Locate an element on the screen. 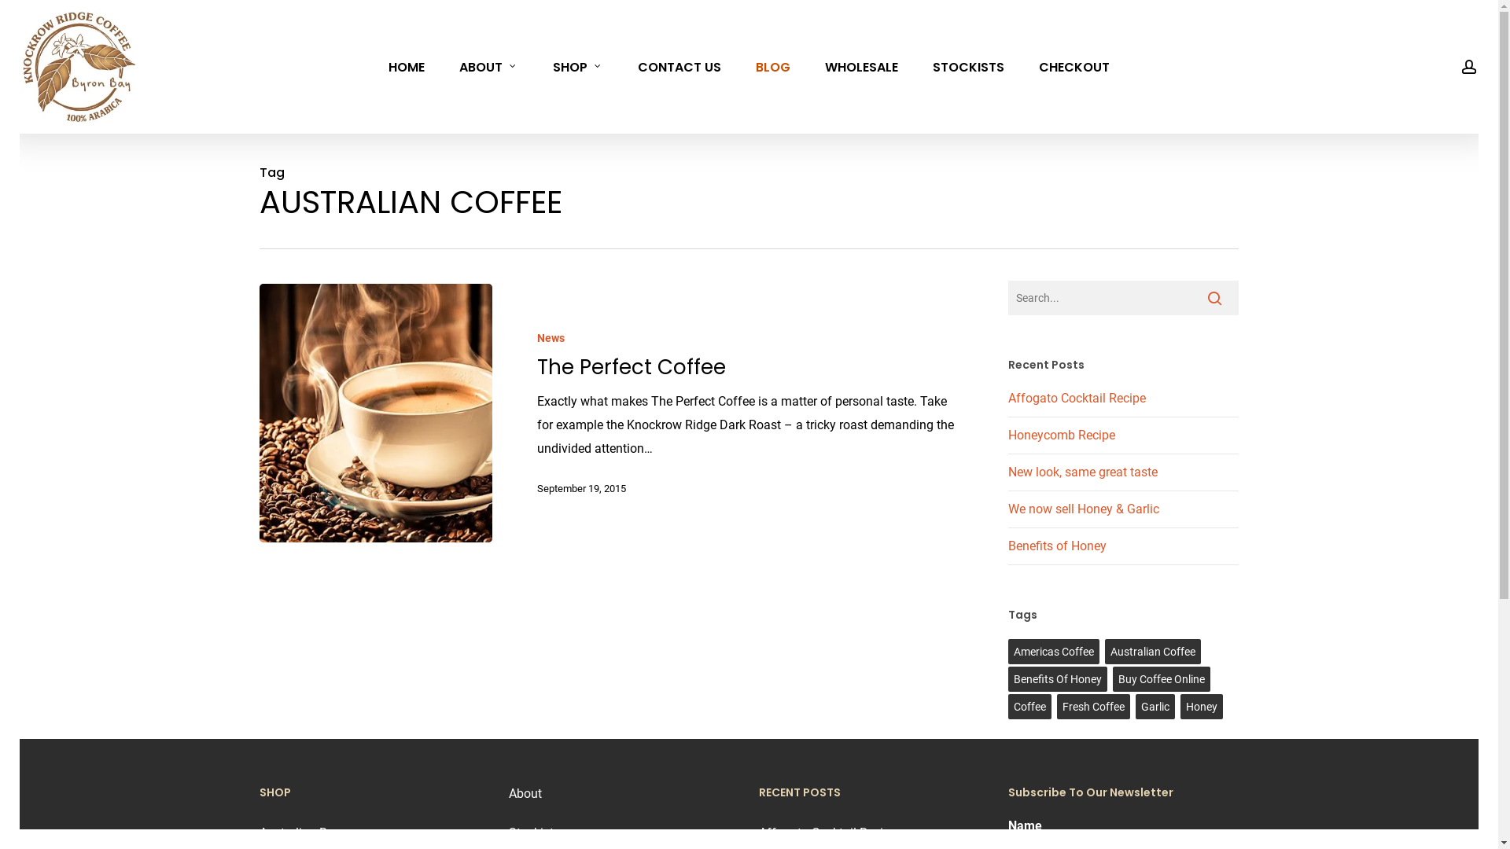  'Americas Coffee' is located at coordinates (1007, 652).